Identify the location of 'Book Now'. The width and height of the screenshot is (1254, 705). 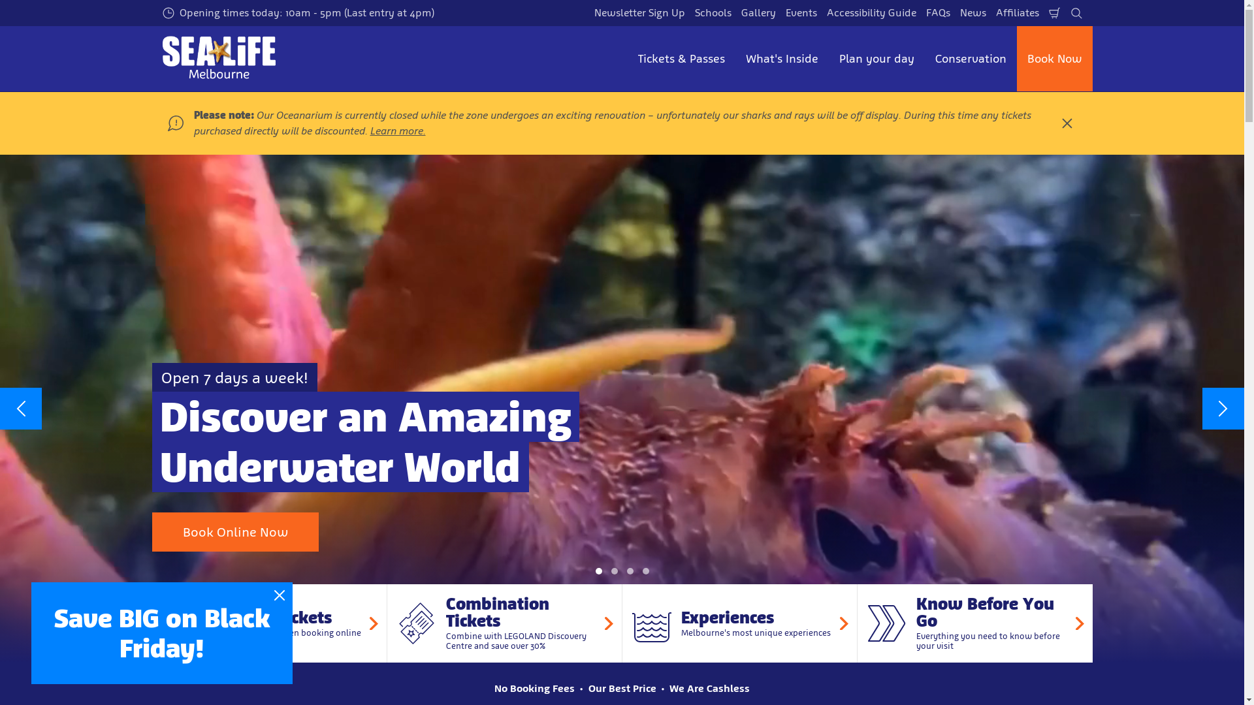
(1053, 57).